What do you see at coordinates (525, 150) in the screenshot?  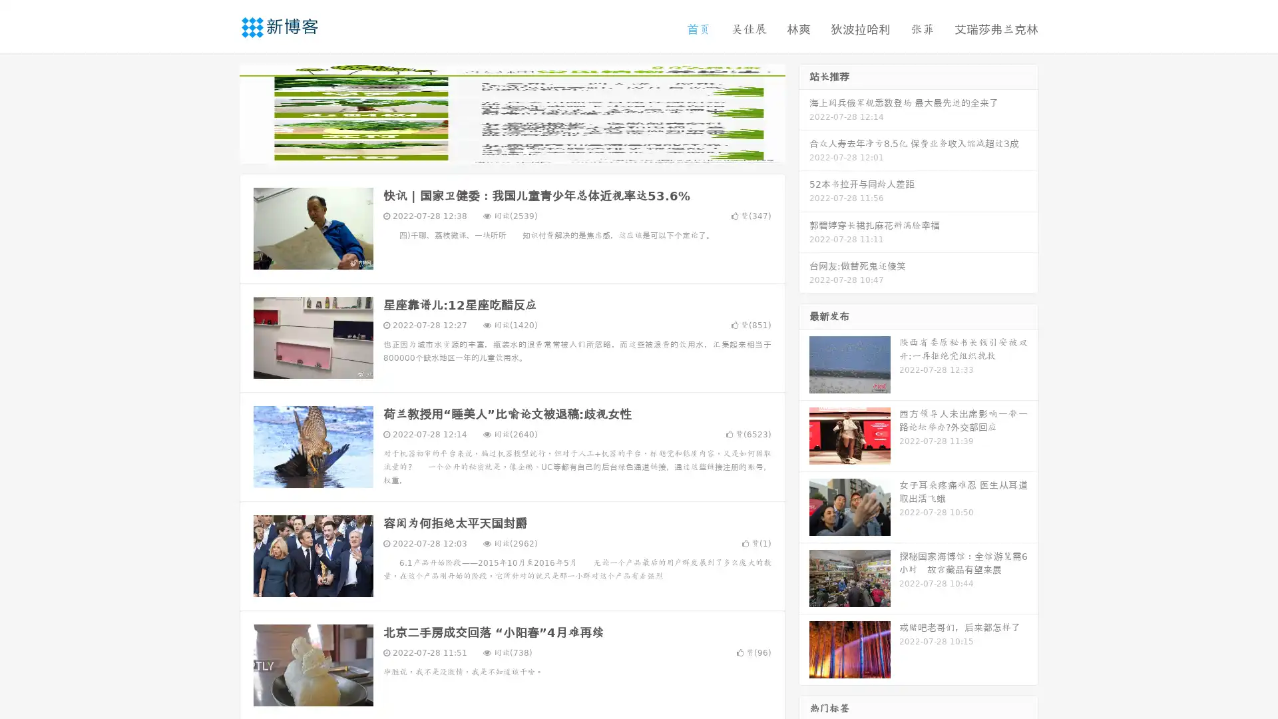 I see `Go to slide 3` at bounding box center [525, 150].